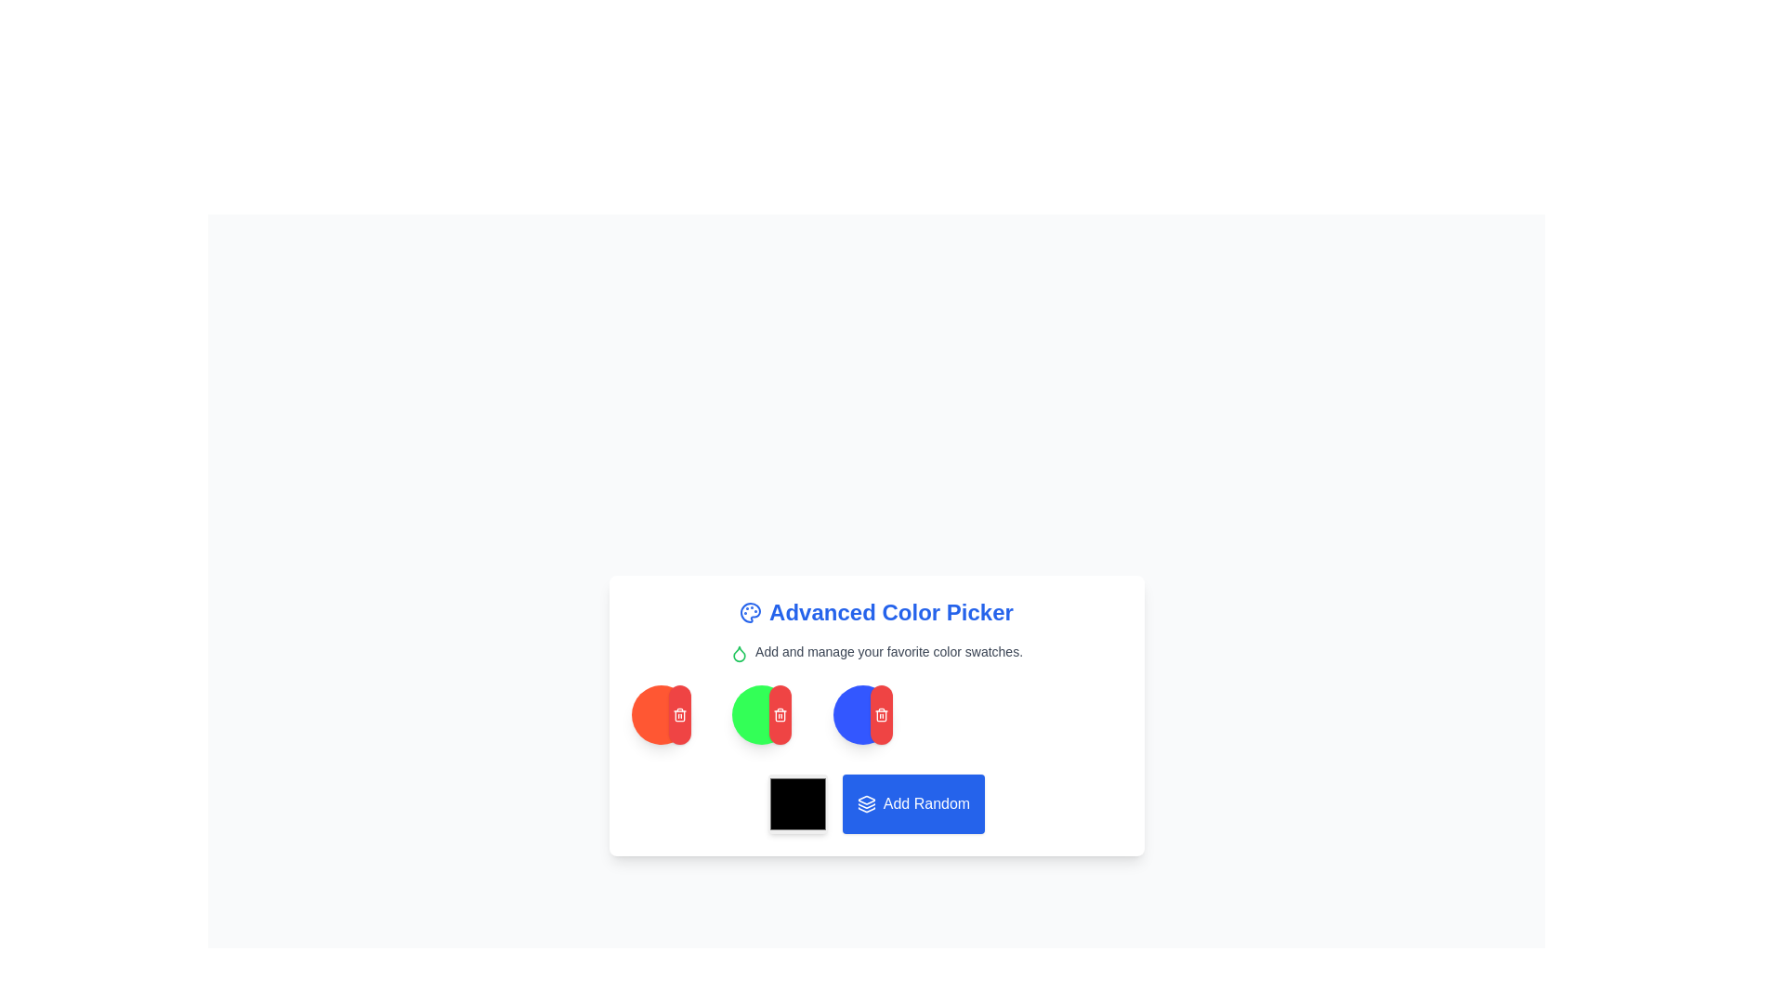  What do you see at coordinates (875, 713) in the screenshot?
I see `the grid layout containing circular color swatches, positioned below the text 'Add and manage your favorite color swatches'` at bounding box center [875, 713].